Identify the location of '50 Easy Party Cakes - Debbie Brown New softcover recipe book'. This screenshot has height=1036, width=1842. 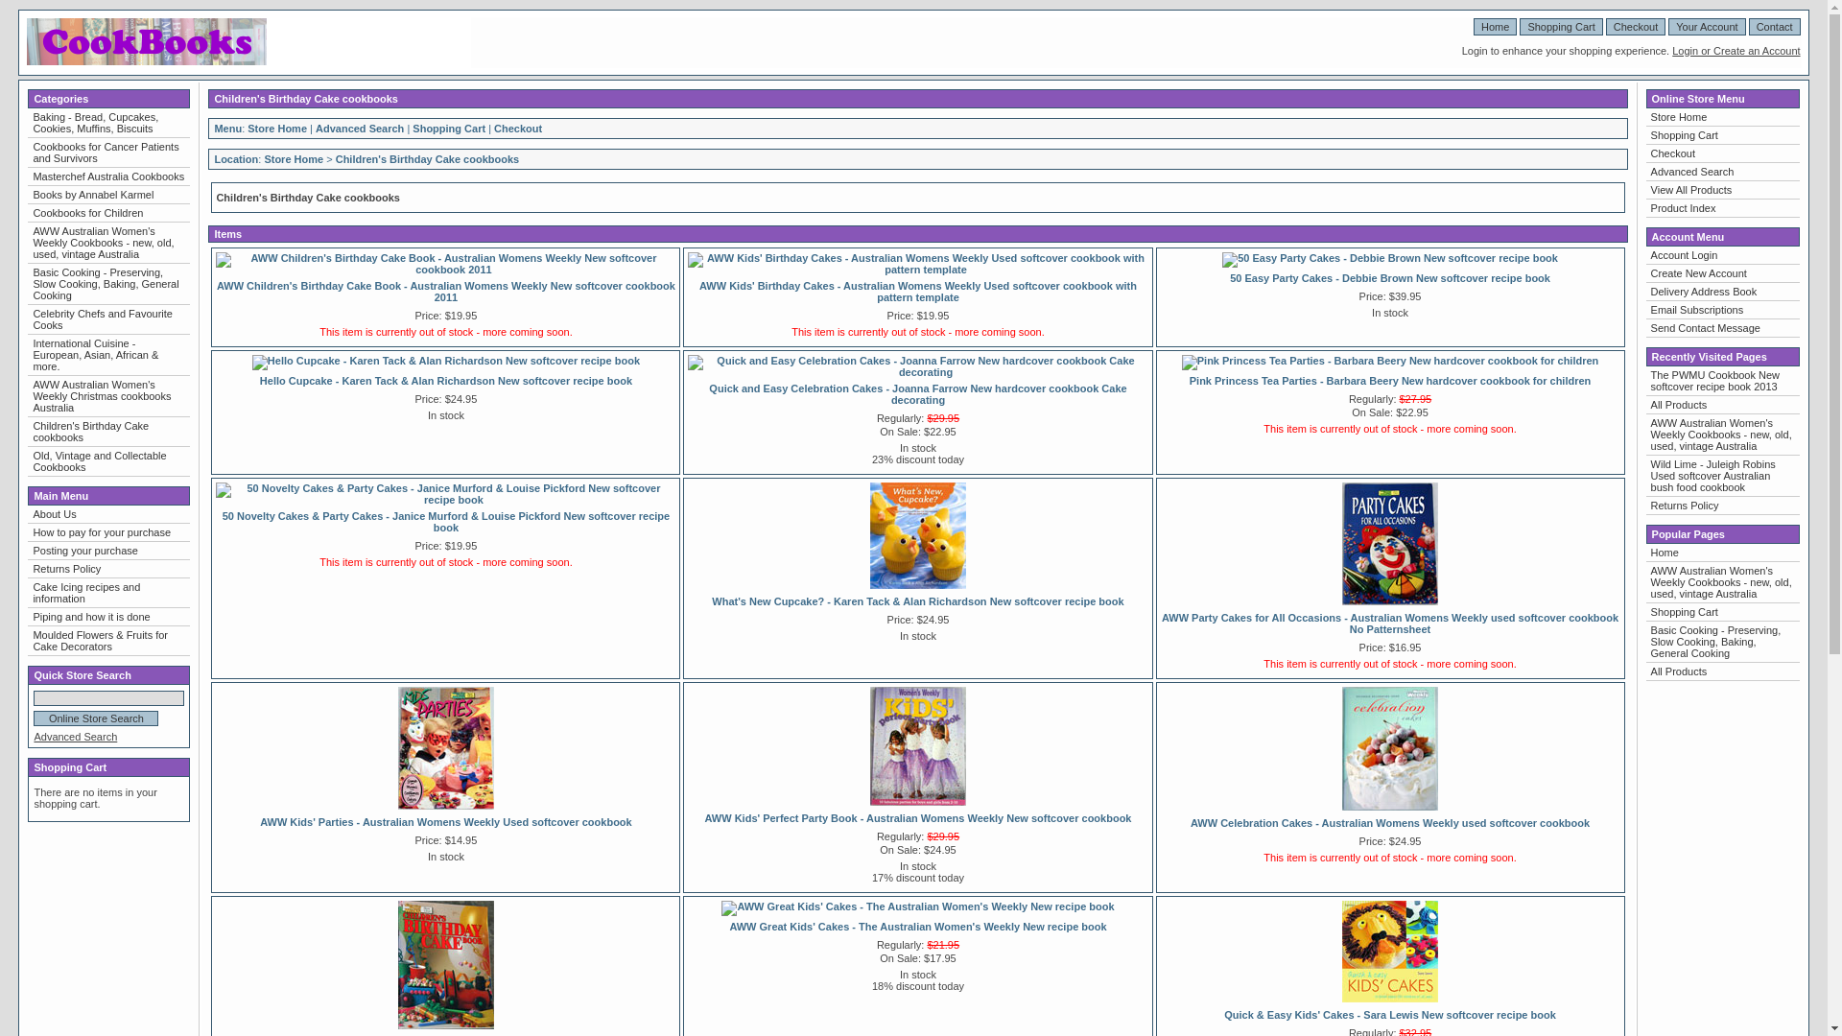
(1390, 277).